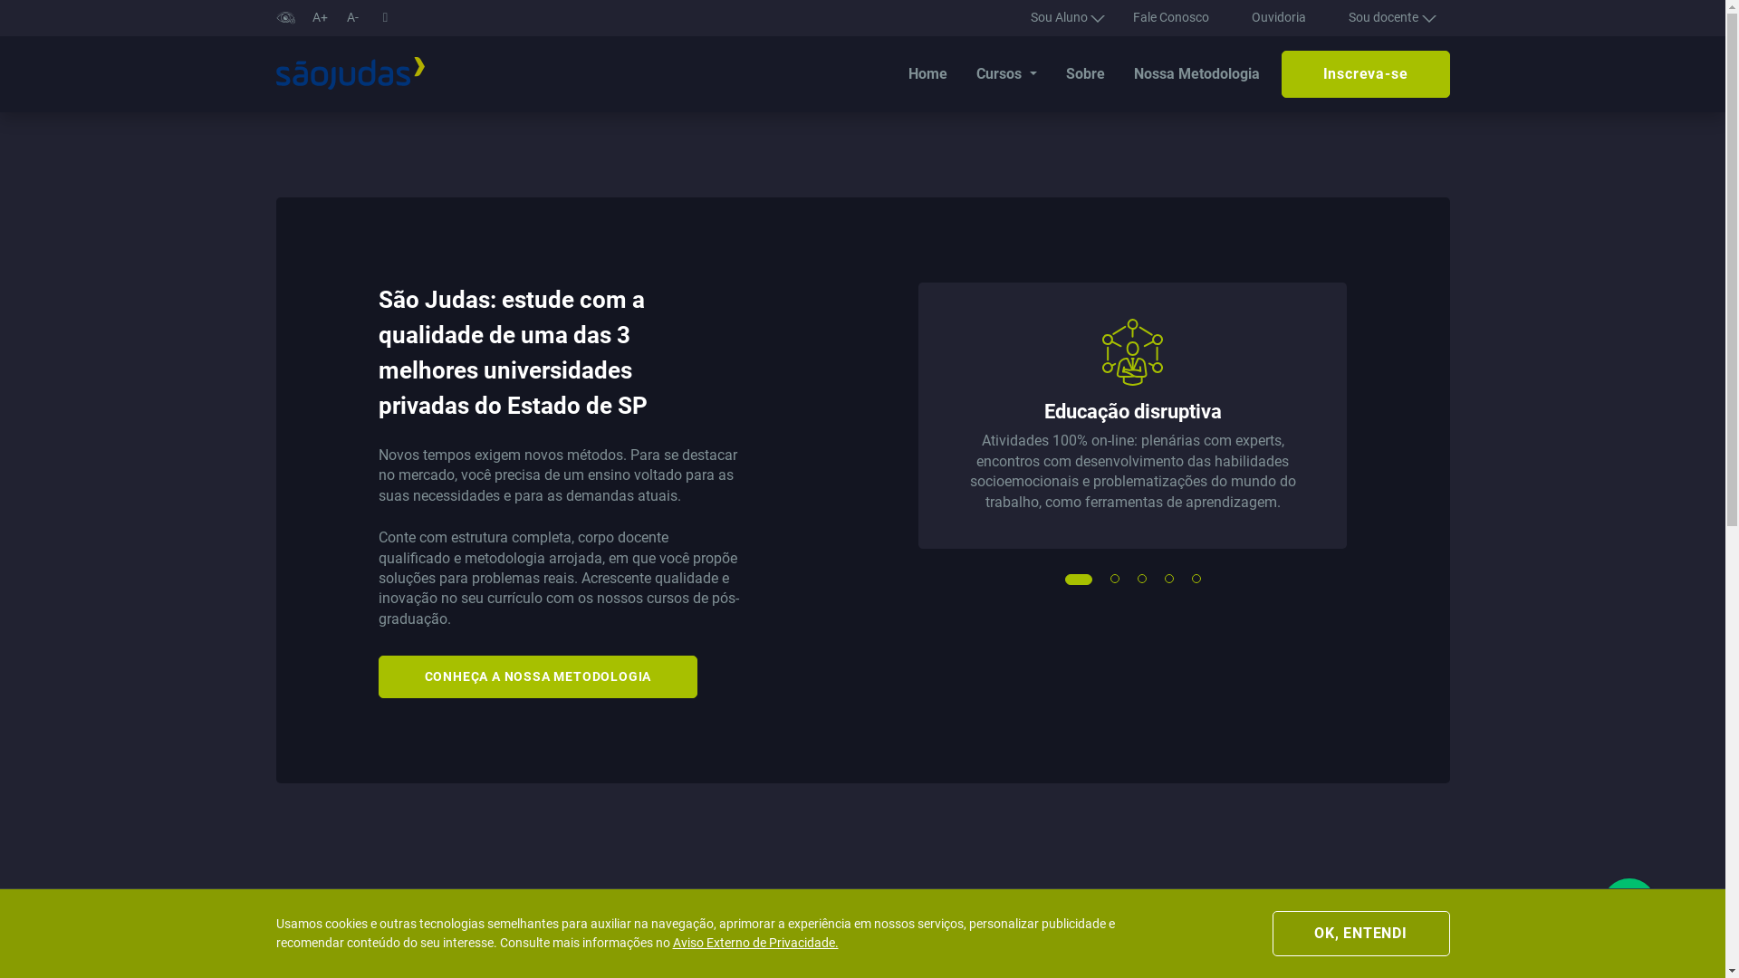  I want to click on 'Sou docente', so click(1334, 17).